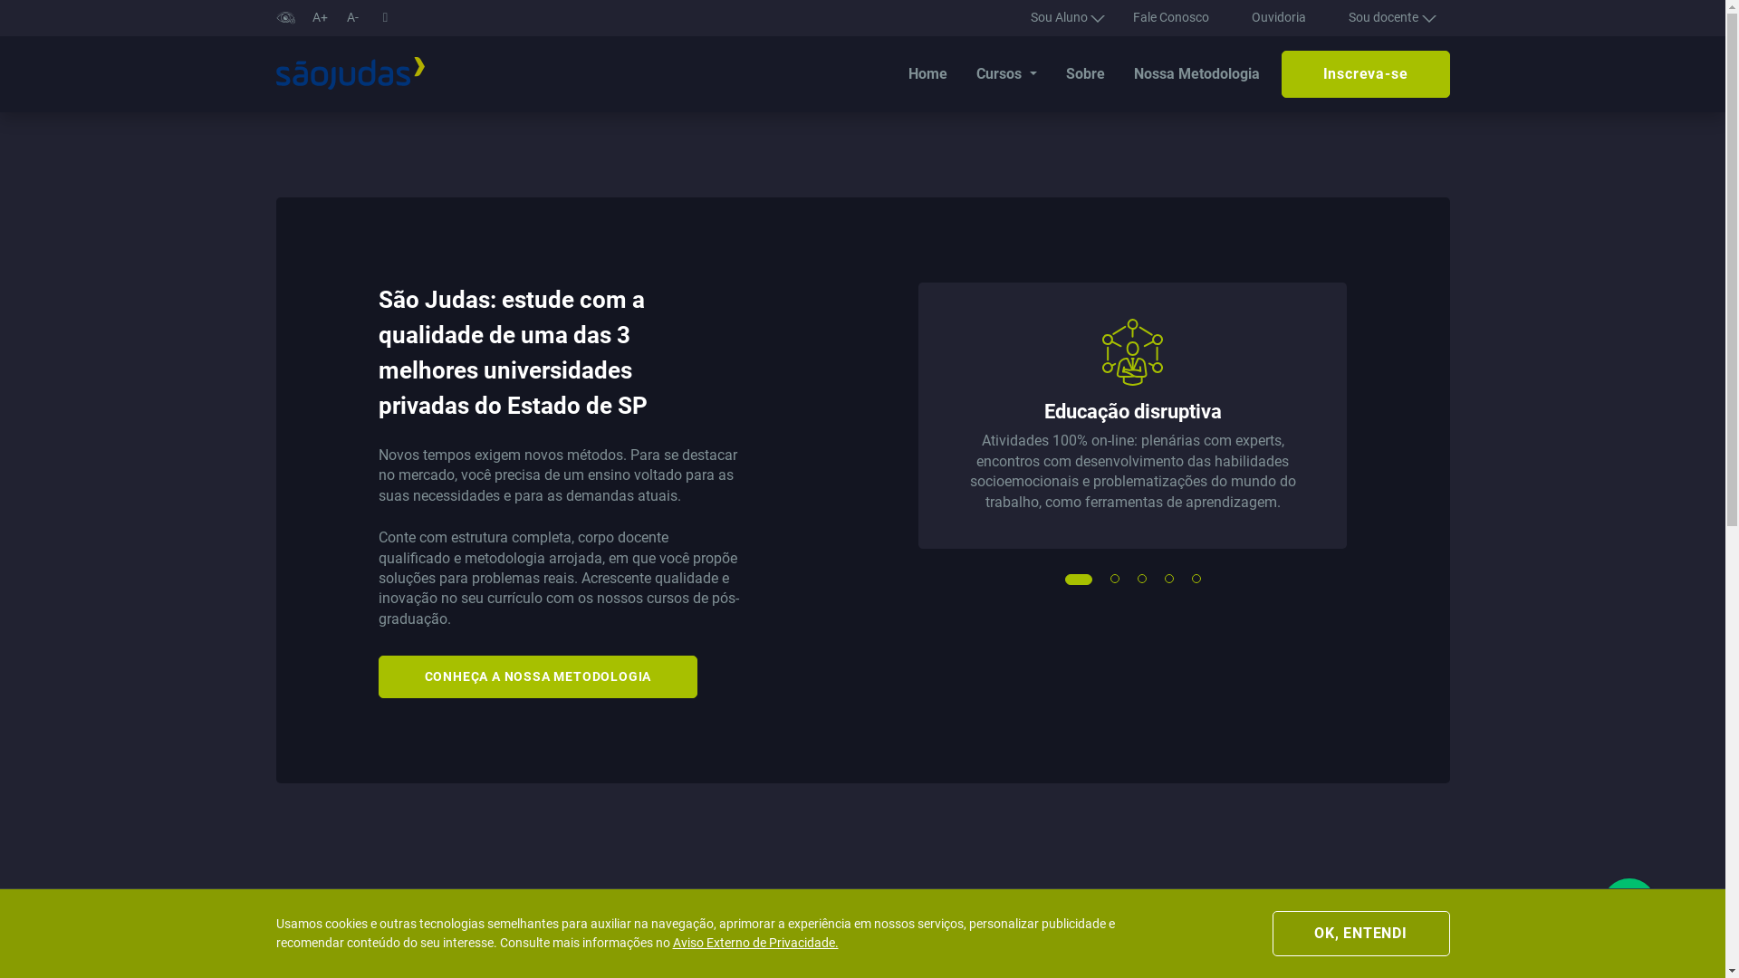  I want to click on 'Sou docente', so click(1334, 17).